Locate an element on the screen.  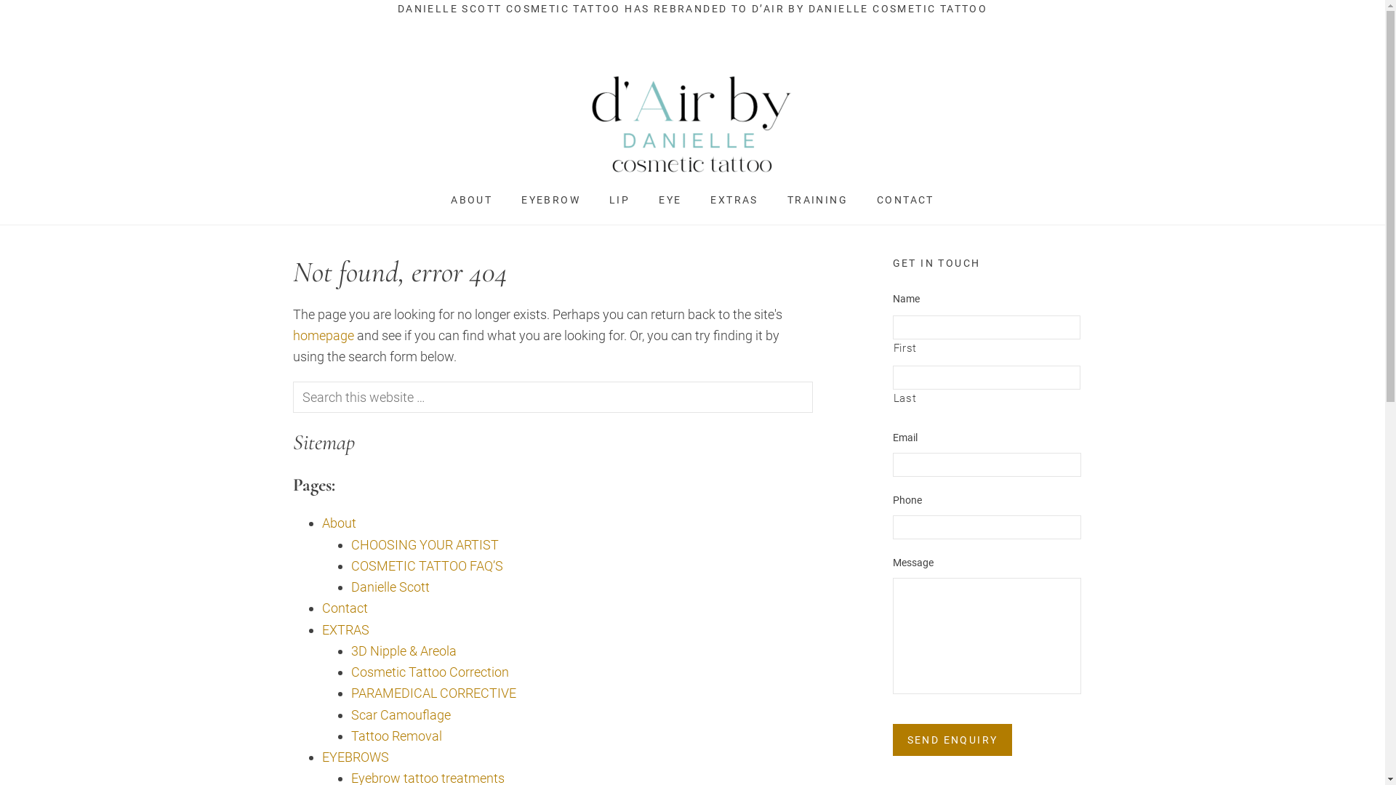
'Contact' is located at coordinates (320, 608).